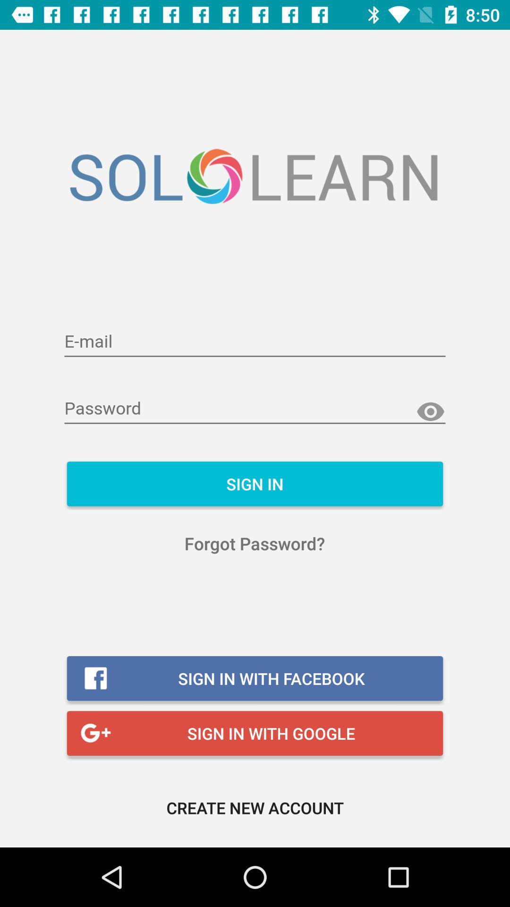 This screenshot has width=510, height=907. What do you see at coordinates (430, 412) in the screenshot?
I see `the visibility icon` at bounding box center [430, 412].